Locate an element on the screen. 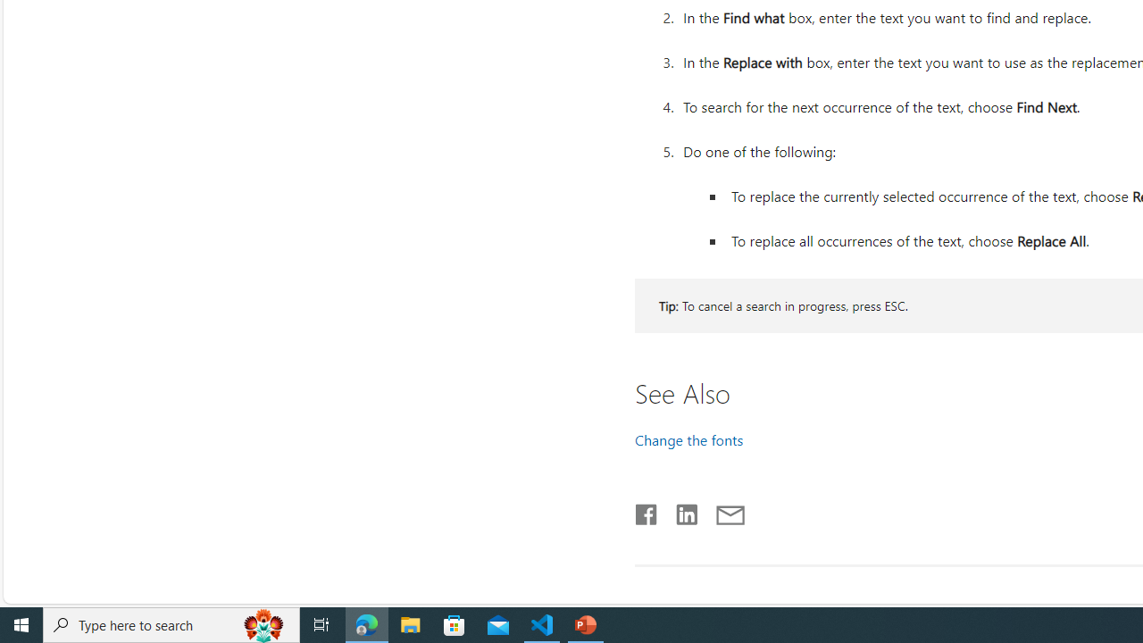 Image resolution: width=1143 pixels, height=643 pixels. 'Share on Facebook' is located at coordinates (646, 511).